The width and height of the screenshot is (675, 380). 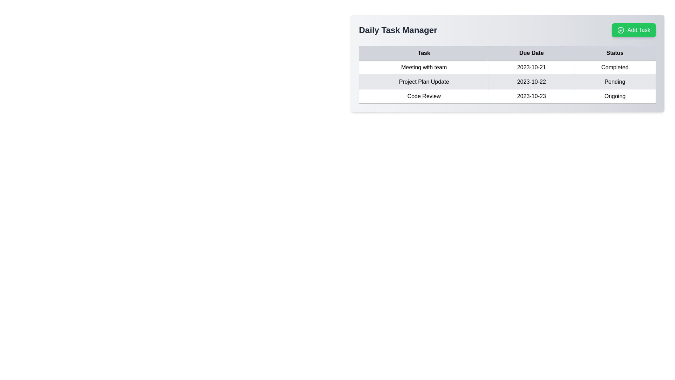 What do you see at coordinates (615, 52) in the screenshot?
I see `the status header label, which is the last item in a row of cells in a task management table, positioned to the far-right, adjacent to 'Task' and 'Due Date'` at bounding box center [615, 52].